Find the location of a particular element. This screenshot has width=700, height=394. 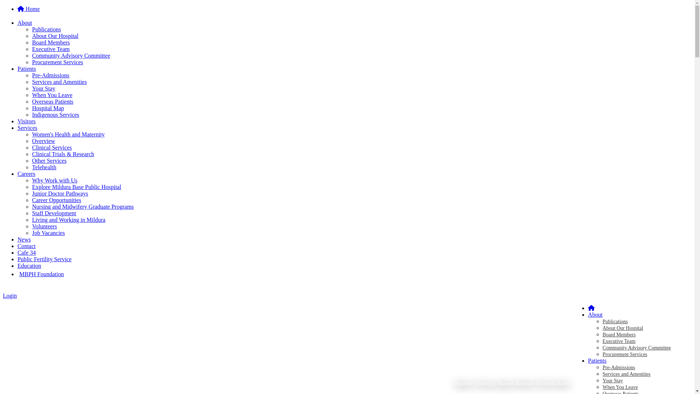

'Community Advisory Committee' is located at coordinates (636, 347).